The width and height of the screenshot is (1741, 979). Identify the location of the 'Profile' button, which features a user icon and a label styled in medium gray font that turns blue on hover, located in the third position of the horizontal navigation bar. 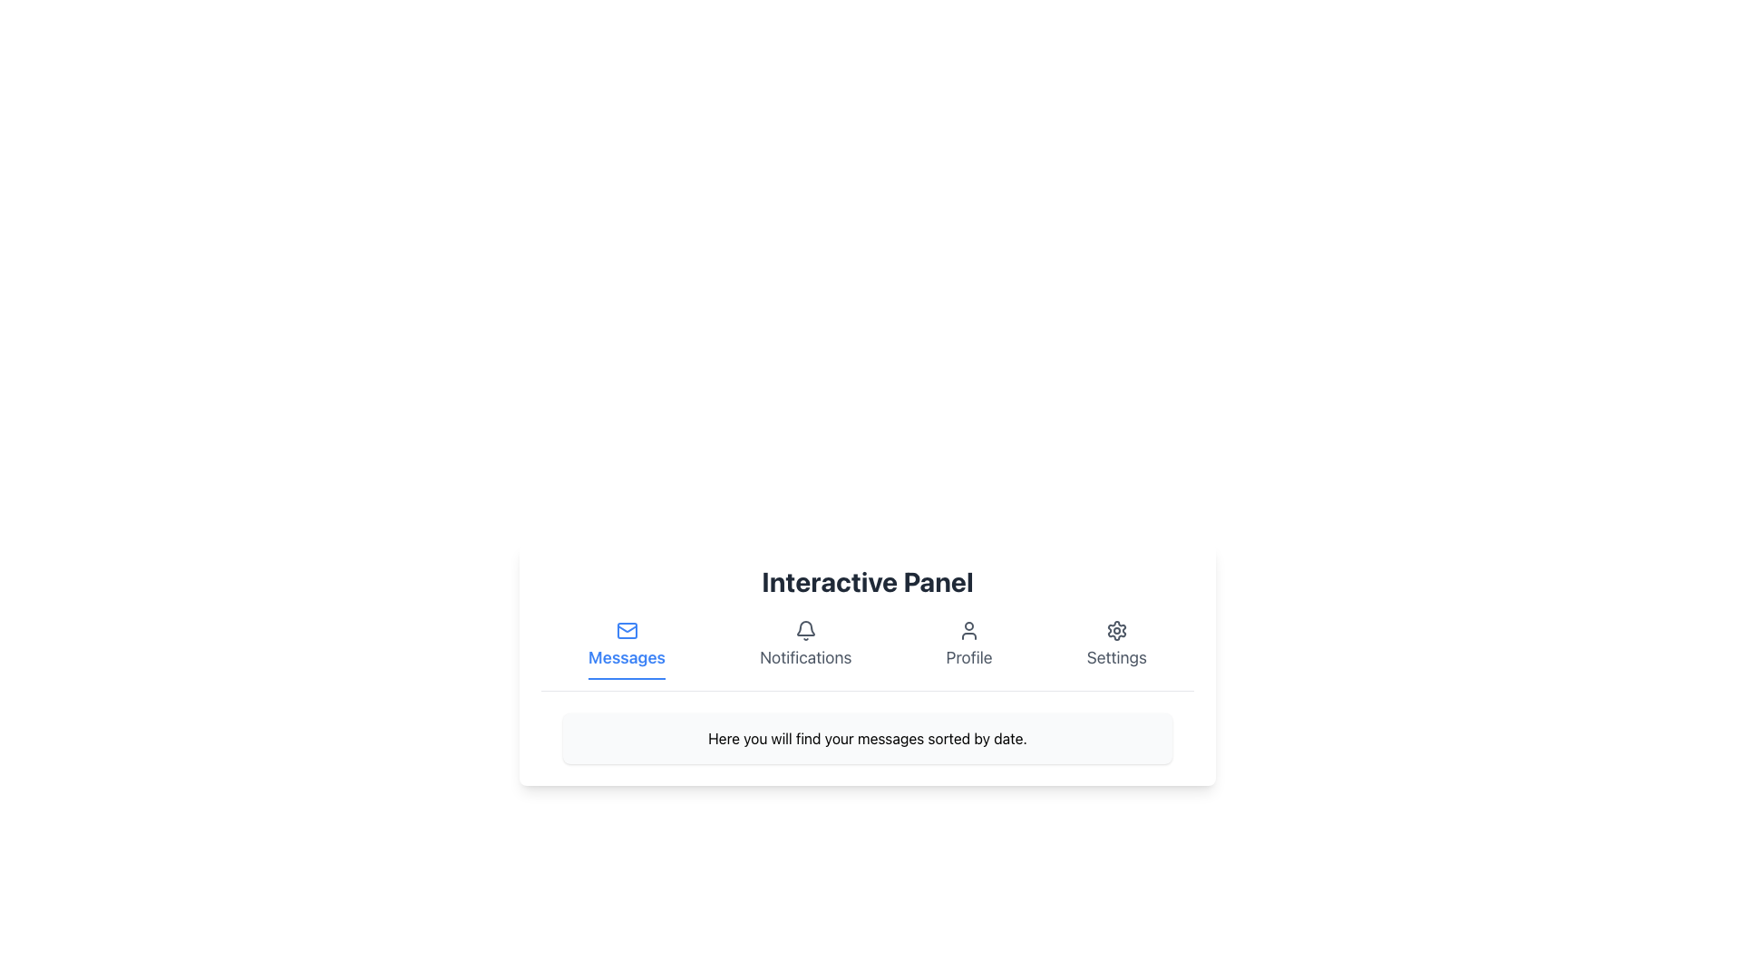
(968, 649).